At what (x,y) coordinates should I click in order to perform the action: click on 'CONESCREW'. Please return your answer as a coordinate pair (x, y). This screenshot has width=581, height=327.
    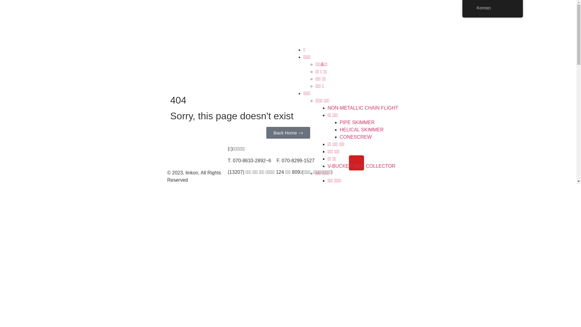
    Looking at the image, I should click on (356, 137).